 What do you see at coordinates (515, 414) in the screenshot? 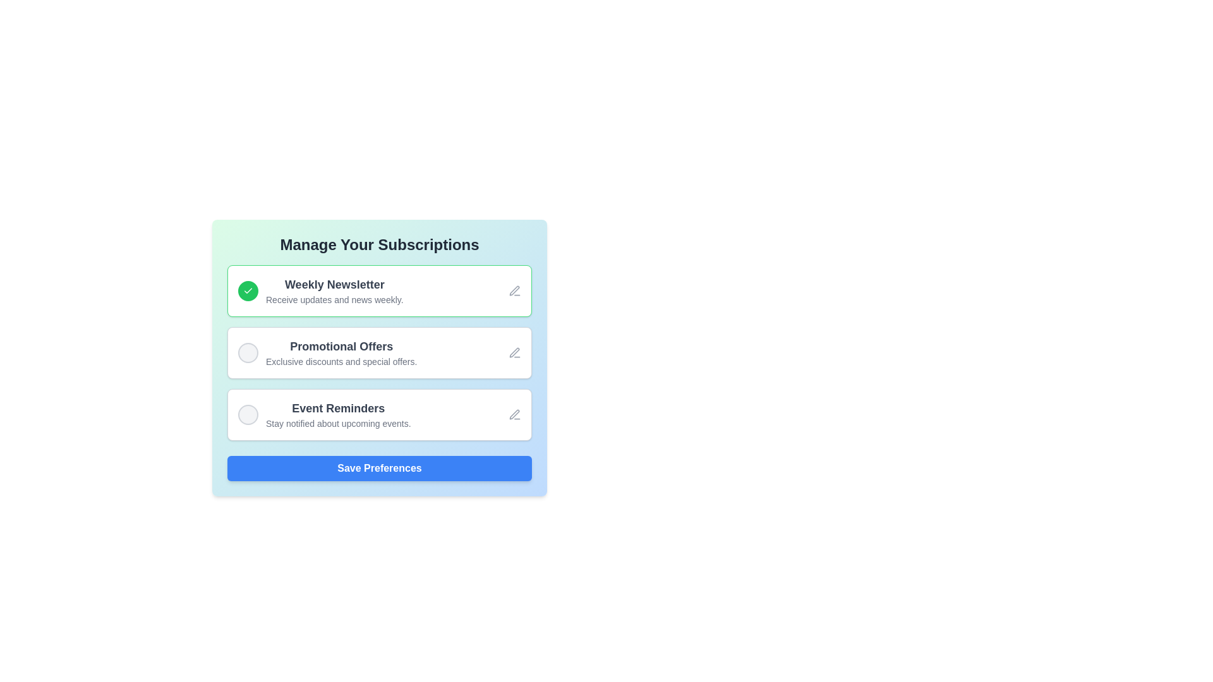
I see `the pen icon in the 'Event Reminders' section` at bounding box center [515, 414].